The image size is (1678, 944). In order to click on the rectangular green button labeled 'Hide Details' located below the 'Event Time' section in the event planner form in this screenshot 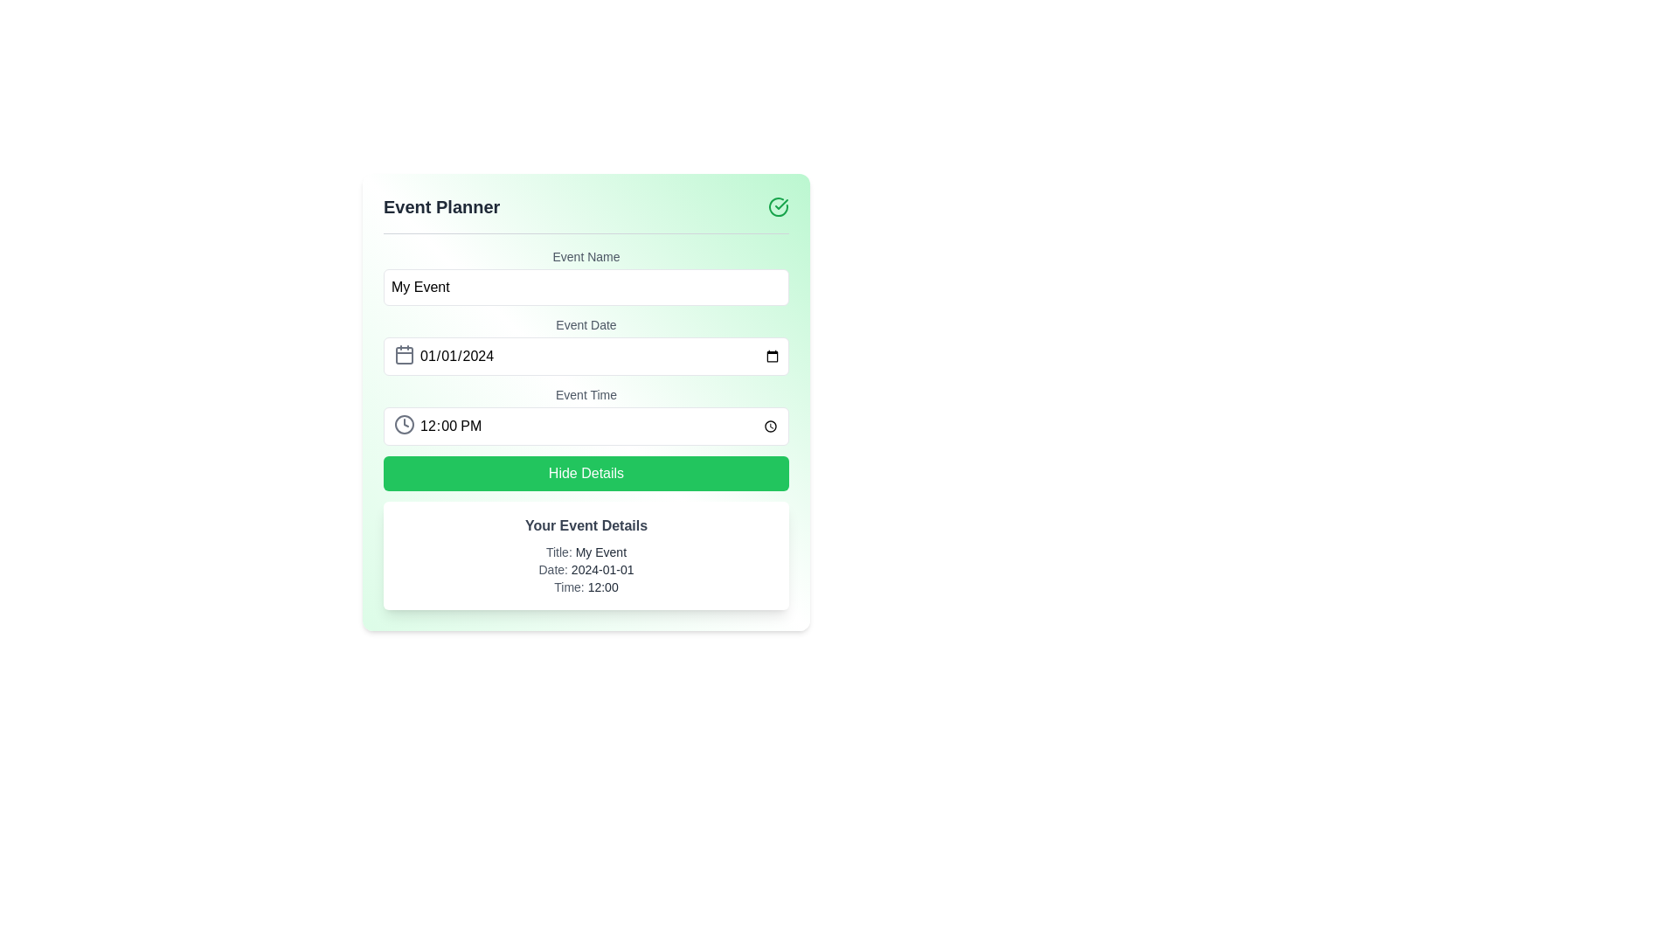, I will do `click(586, 474)`.